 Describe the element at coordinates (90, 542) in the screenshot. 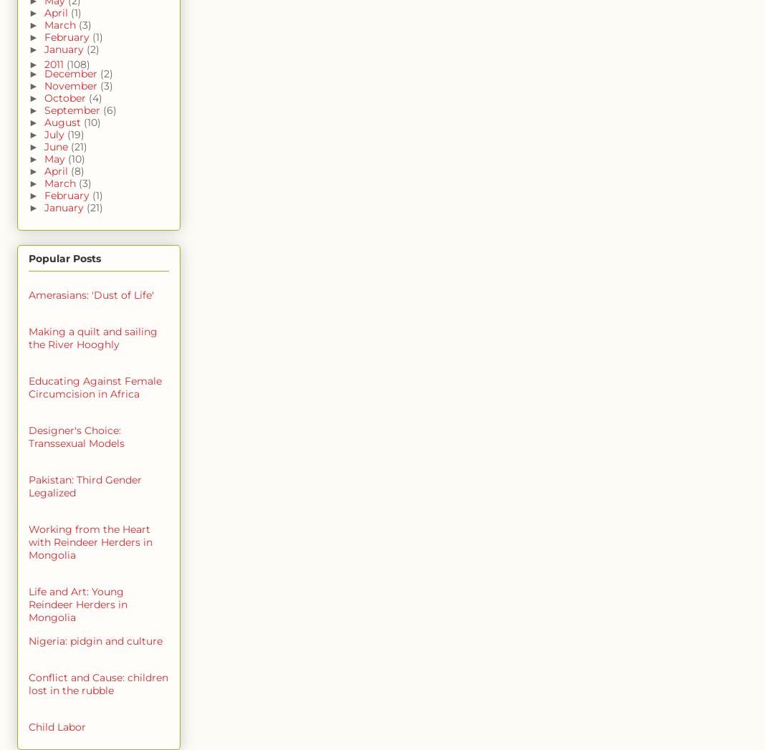

I see `'Working from the Heart with Reindeer Herders in Mongolia'` at that location.